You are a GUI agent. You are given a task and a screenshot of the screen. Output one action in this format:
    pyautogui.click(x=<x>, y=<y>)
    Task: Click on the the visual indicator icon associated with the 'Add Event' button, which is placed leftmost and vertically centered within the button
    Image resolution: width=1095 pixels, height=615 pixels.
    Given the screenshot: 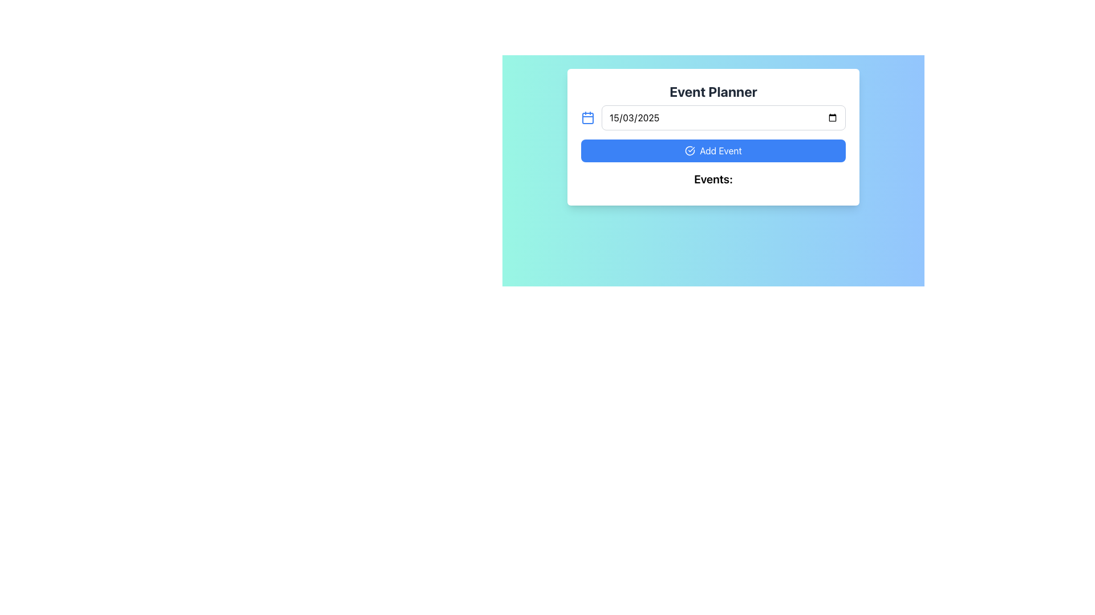 What is the action you would take?
    pyautogui.click(x=689, y=150)
    